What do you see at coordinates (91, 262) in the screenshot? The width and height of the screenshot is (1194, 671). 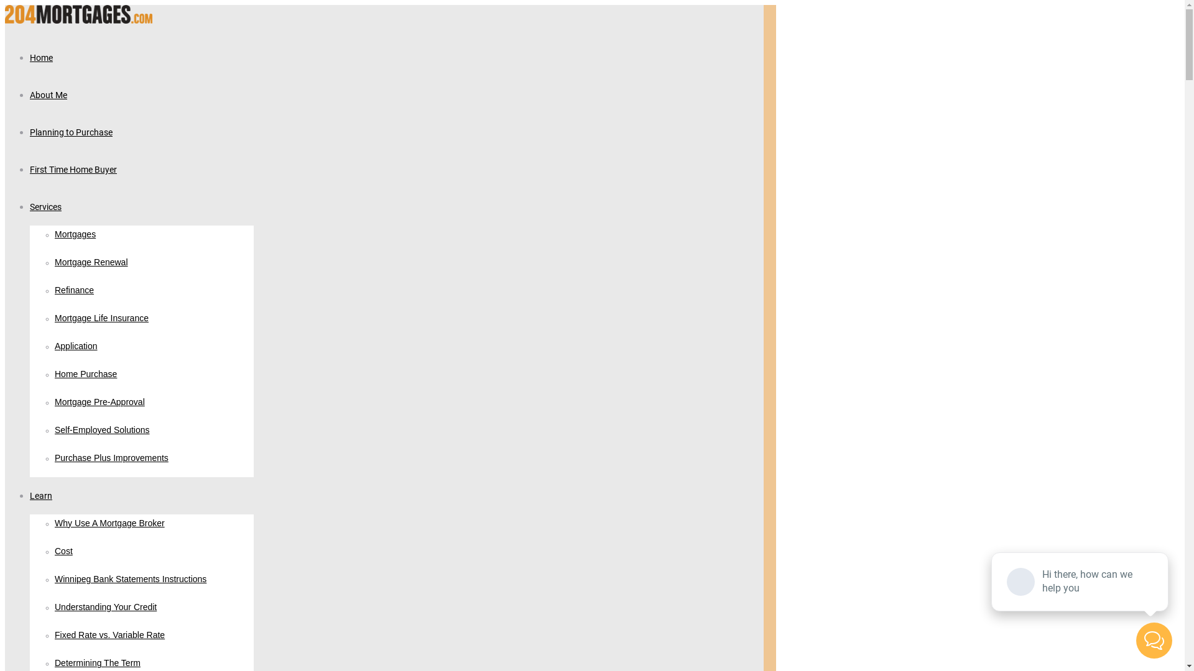 I see `'Mortgage Renewal'` at bounding box center [91, 262].